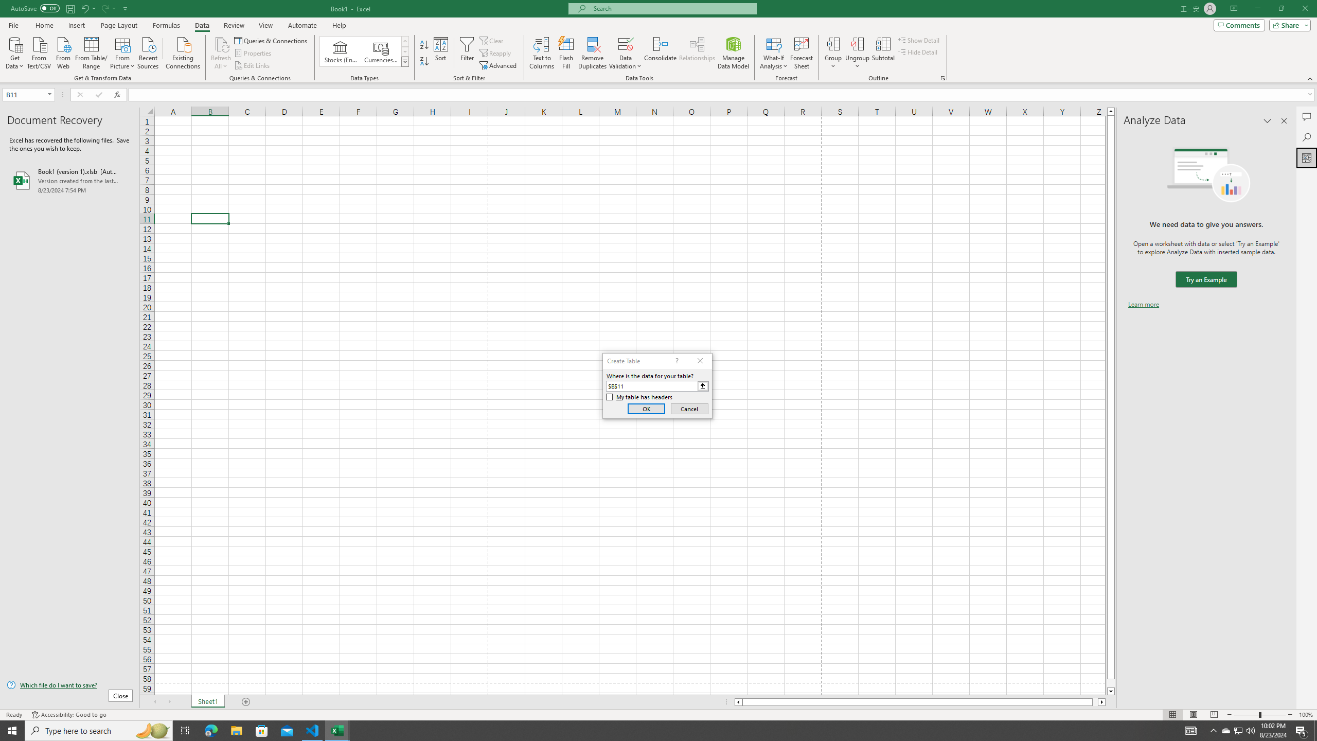 This screenshot has height=741, width=1317. What do you see at coordinates (492, 40) in the screenshot?
I see `'Clear'` at bounding box center [492, 40].